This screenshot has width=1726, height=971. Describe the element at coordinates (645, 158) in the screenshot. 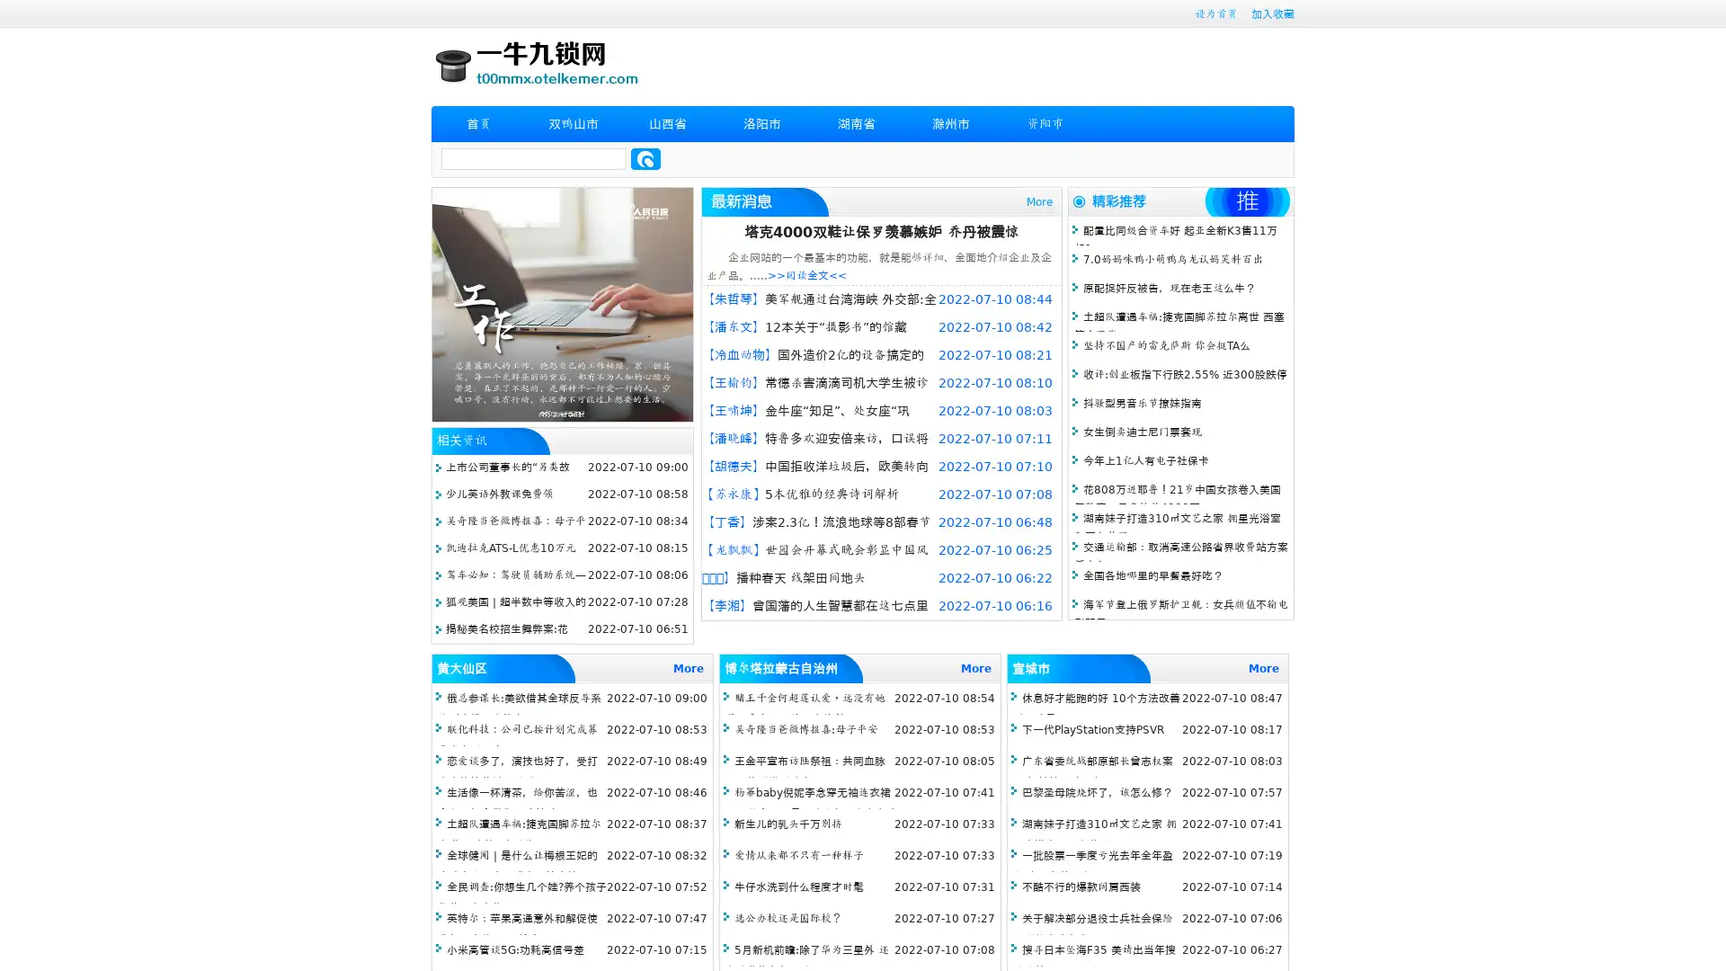

I see `Search` at that location.